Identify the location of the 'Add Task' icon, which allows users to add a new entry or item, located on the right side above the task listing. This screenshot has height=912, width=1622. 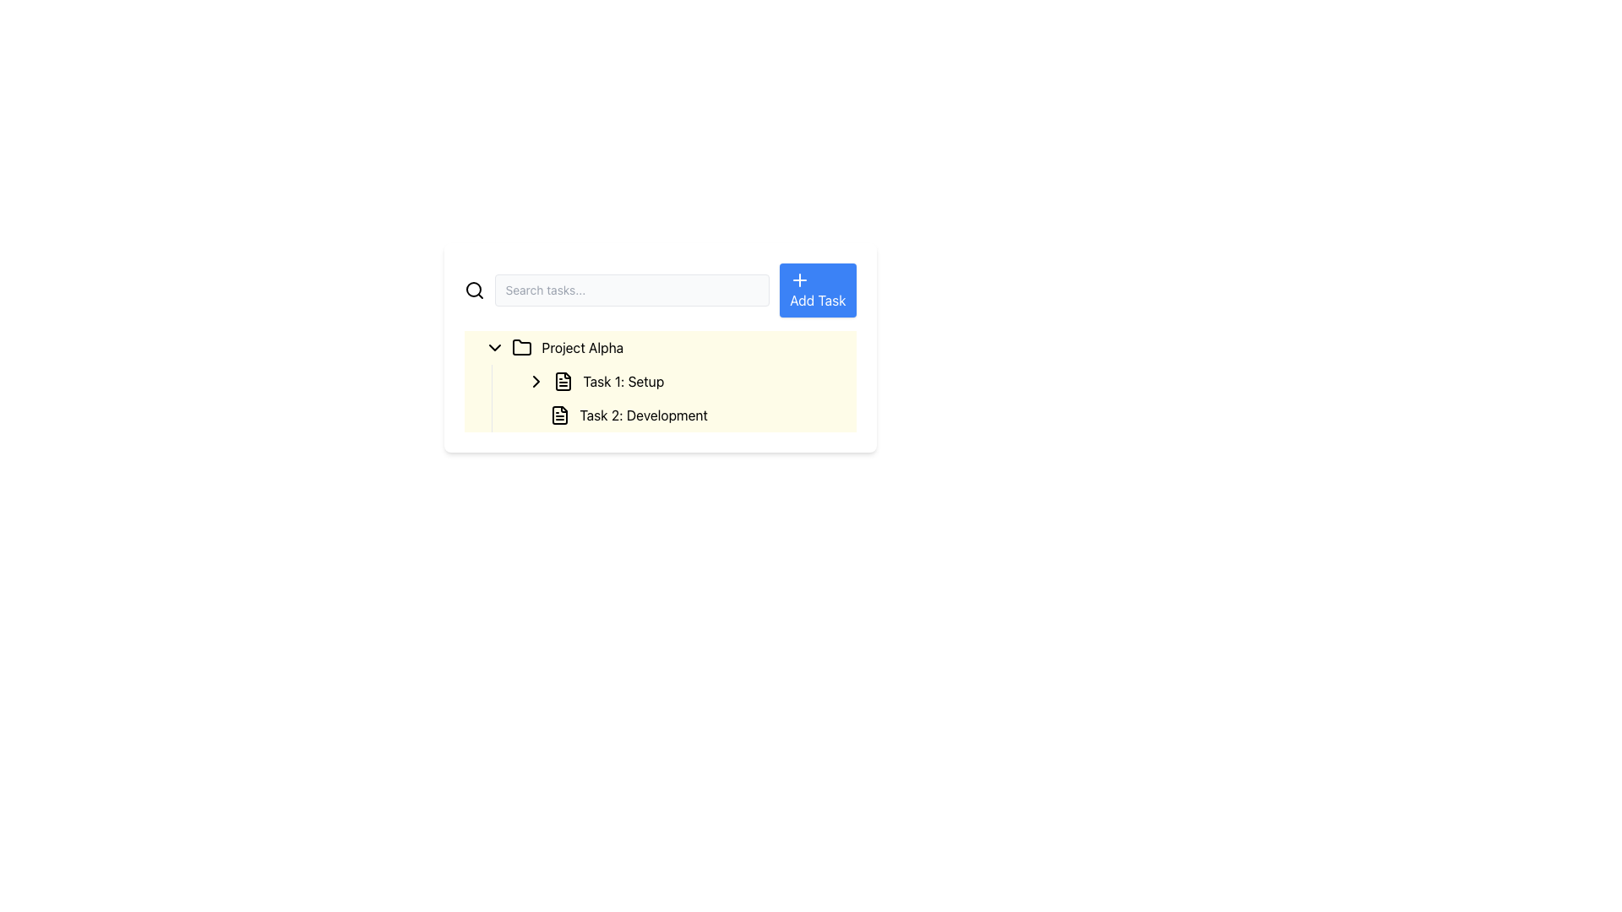
(799, 279).